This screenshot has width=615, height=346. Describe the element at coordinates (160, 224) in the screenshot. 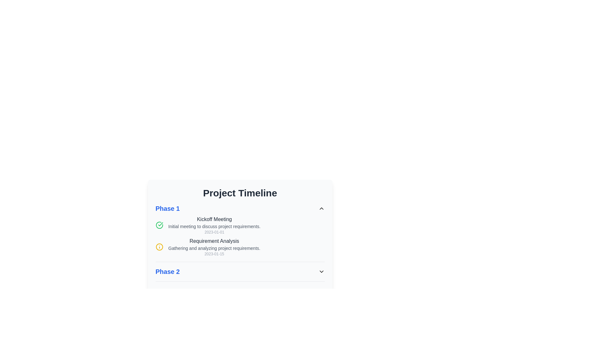

I see `the checkmark icon within the circular frame, located next to the 'Kickoff Meeting' text in the 'Phase 1' area of the 'Project Timeline'` at that location.